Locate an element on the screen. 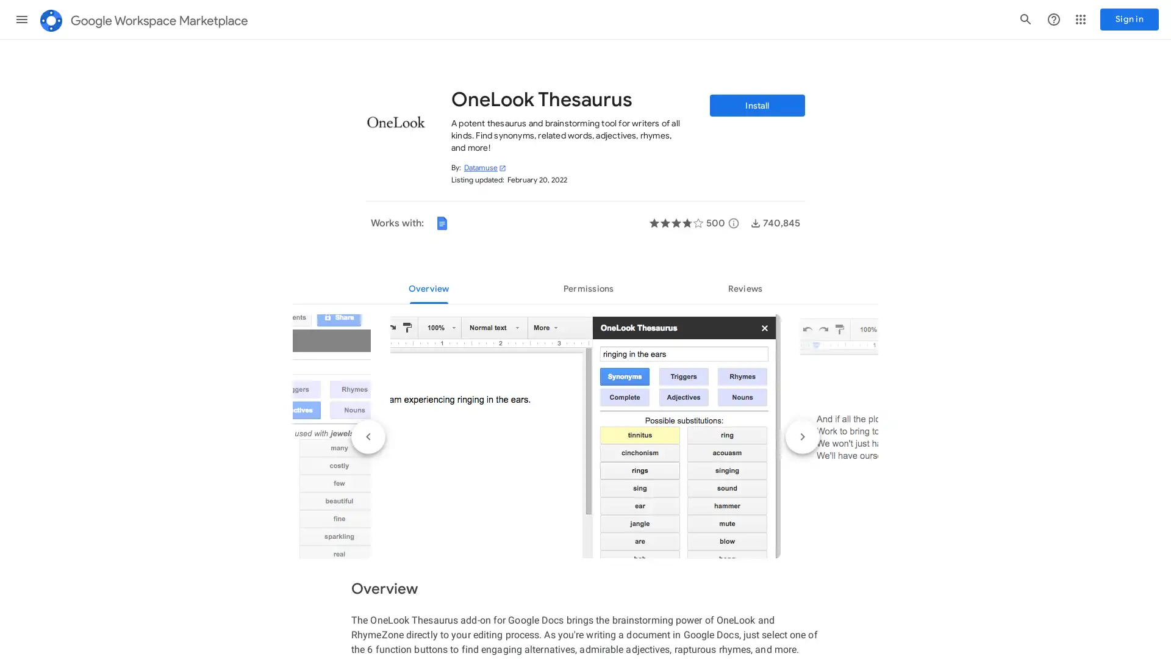 This screenshot has height=659, width=1171. Google apps is located at coordinates (1080, 19).